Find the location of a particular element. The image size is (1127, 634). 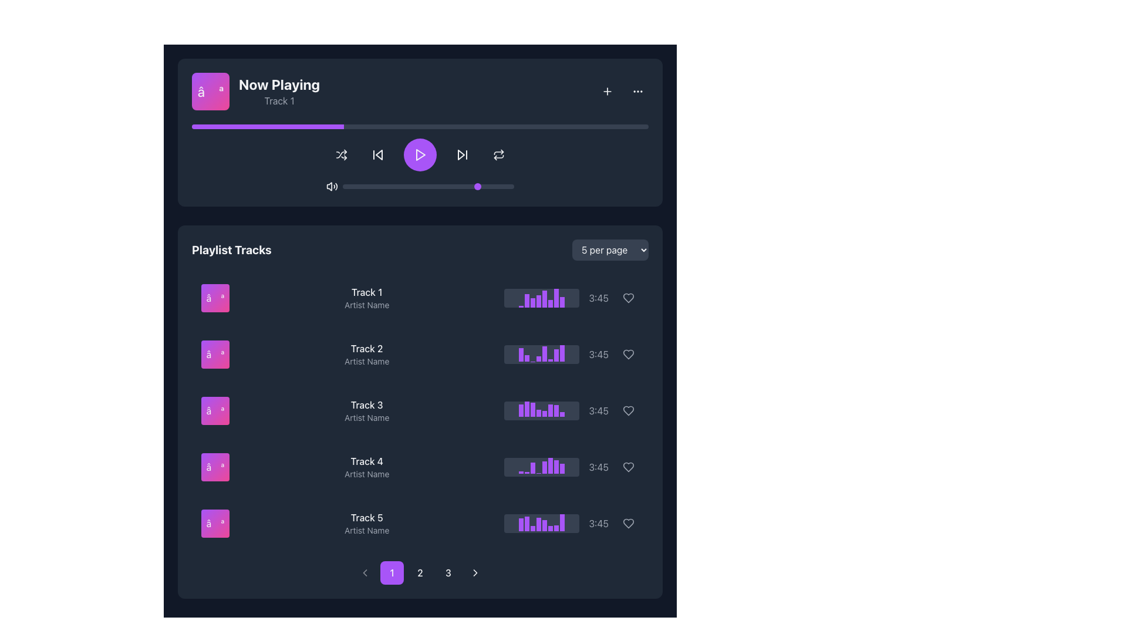

the circular button with a purple background and play icon at its center to play or pause playback is located at coordinates (420, 154).